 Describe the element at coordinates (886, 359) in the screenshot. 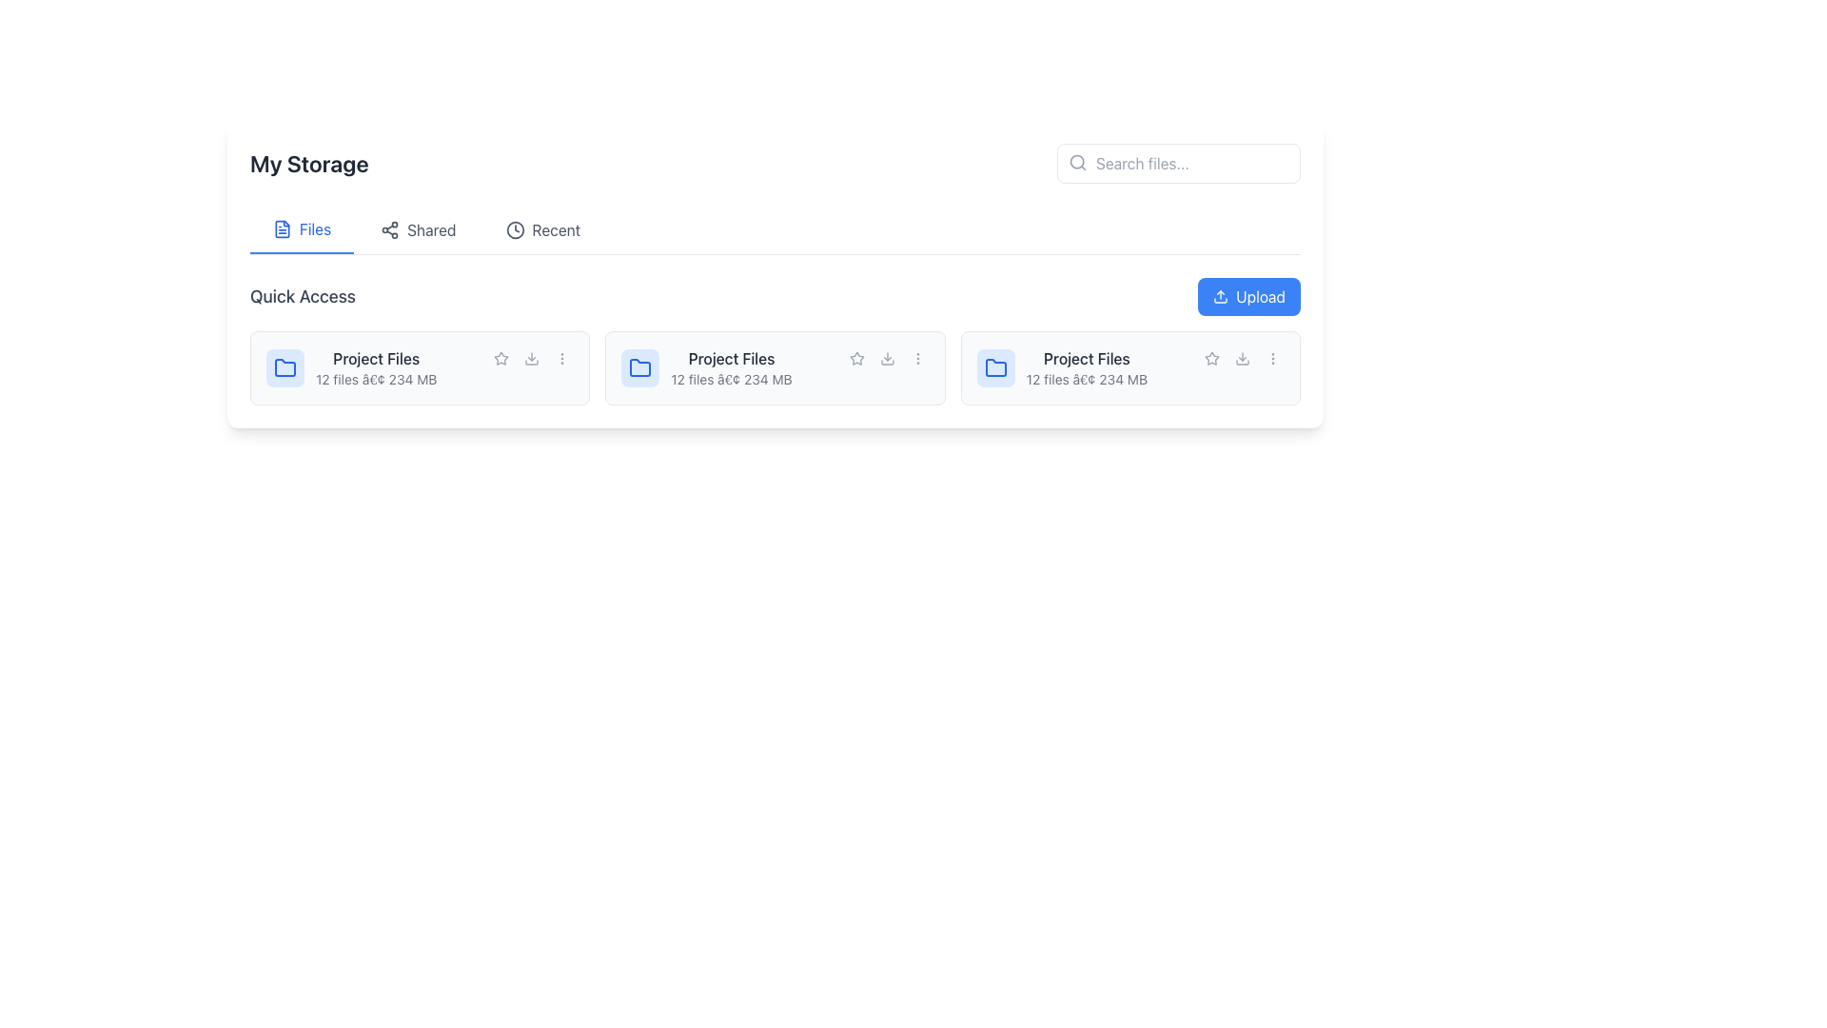

I see `the download button with a downward arrow icon located between the star icon and the vertical ellipsis in the 'Project Files' section to change its color` at that location.